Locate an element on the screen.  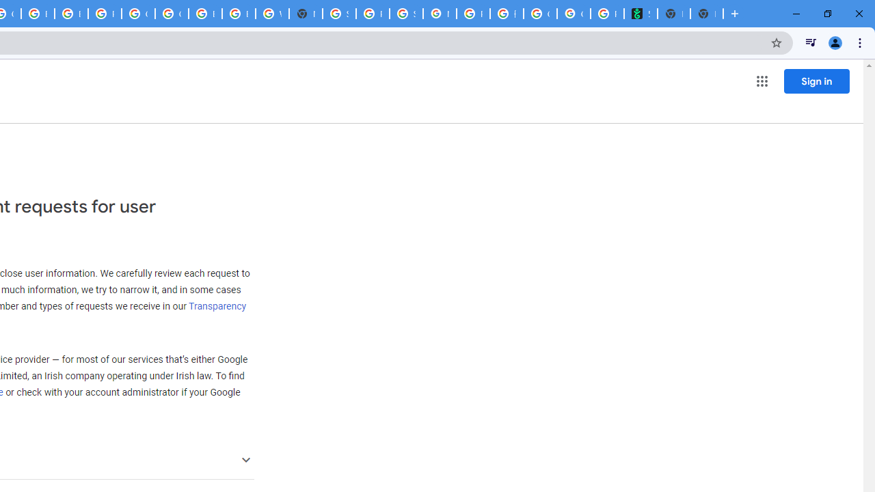
'Sign in - Google Accounts' is located at coordinates (339, 14).